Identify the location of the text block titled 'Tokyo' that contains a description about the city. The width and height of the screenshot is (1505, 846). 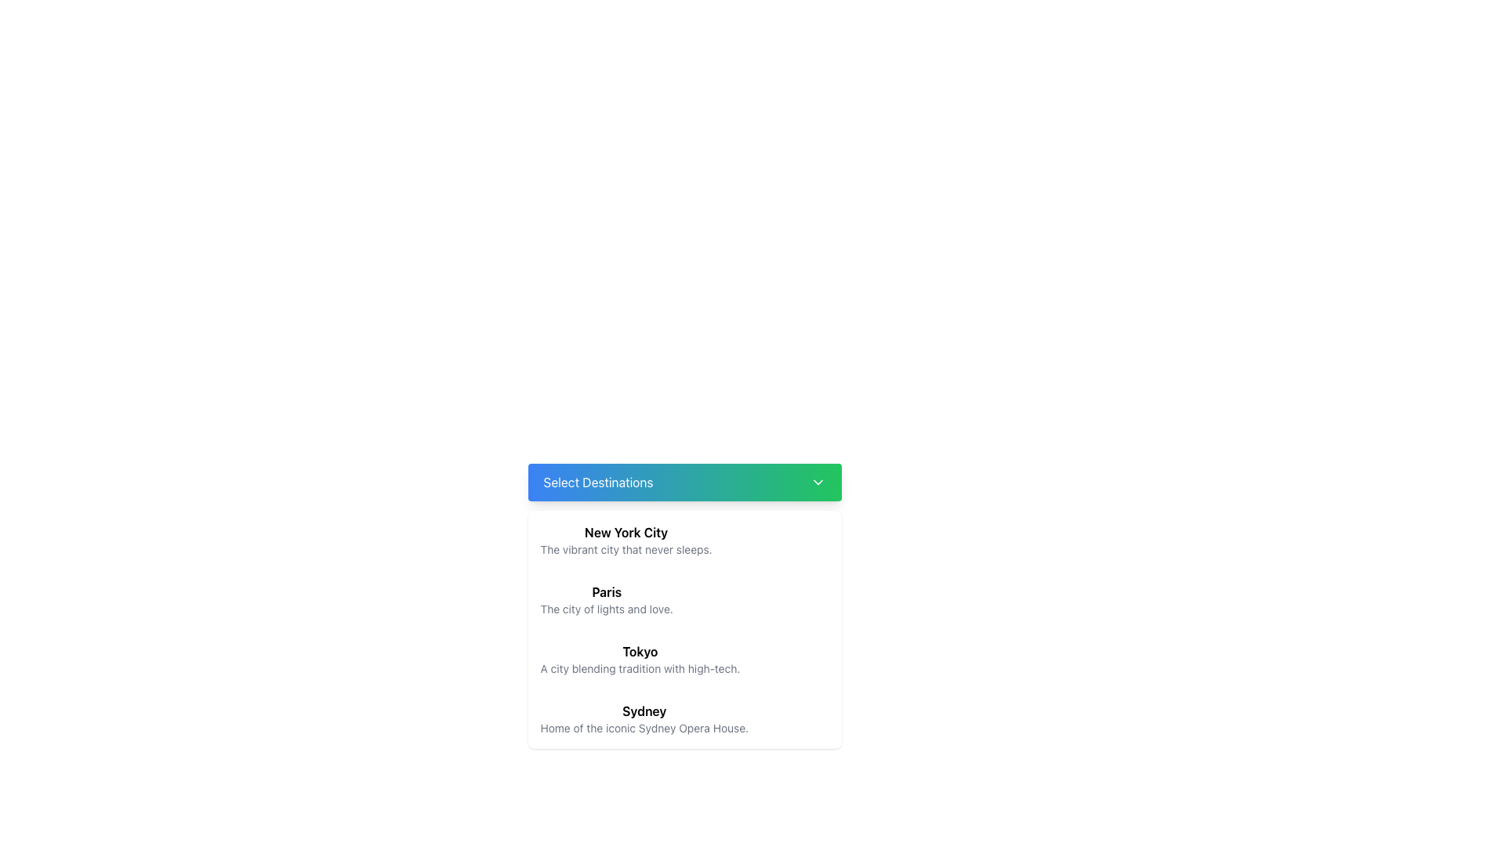
(640, 659).